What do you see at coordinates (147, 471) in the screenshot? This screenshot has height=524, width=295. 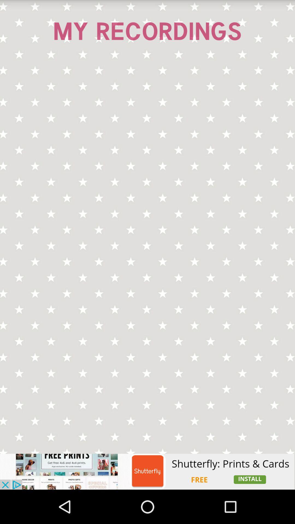 I see `advertisement bar` at bounding box center [147, 471].